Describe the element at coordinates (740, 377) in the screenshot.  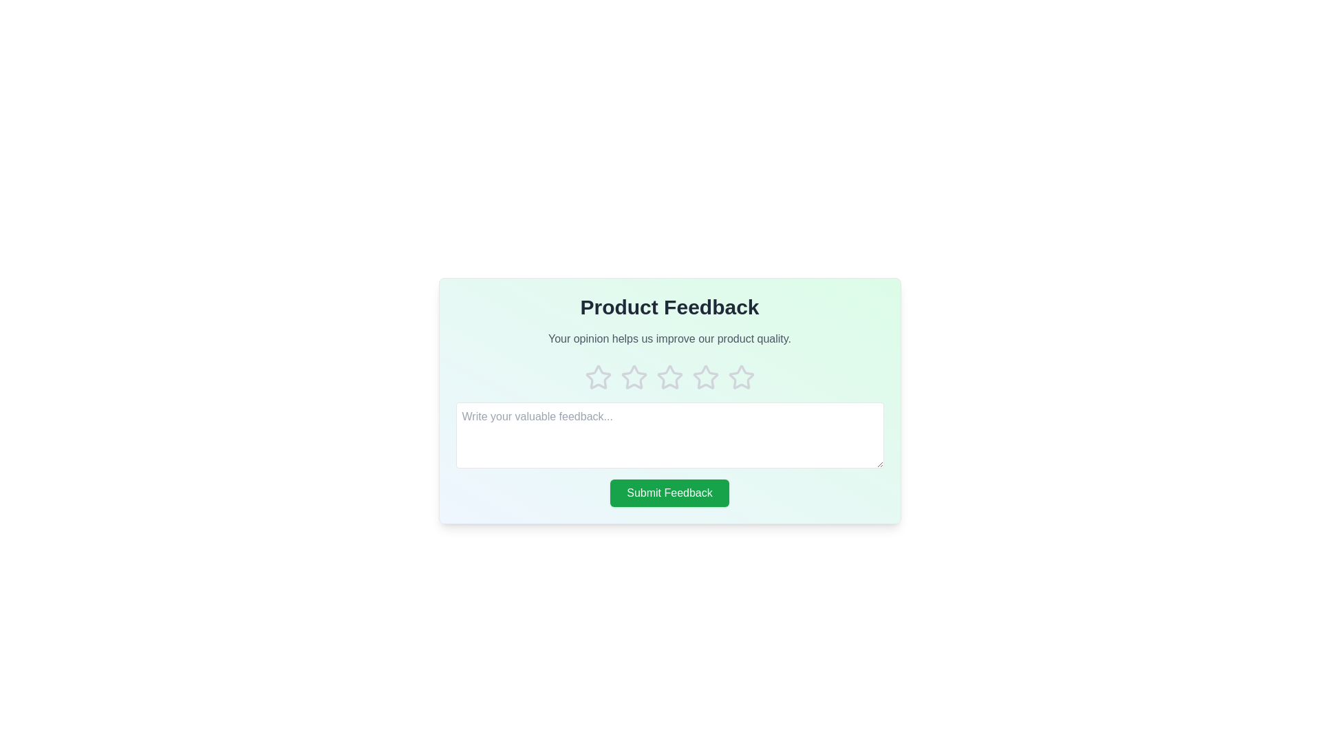
I see `the fifth star icon in the rating widget` at that location.